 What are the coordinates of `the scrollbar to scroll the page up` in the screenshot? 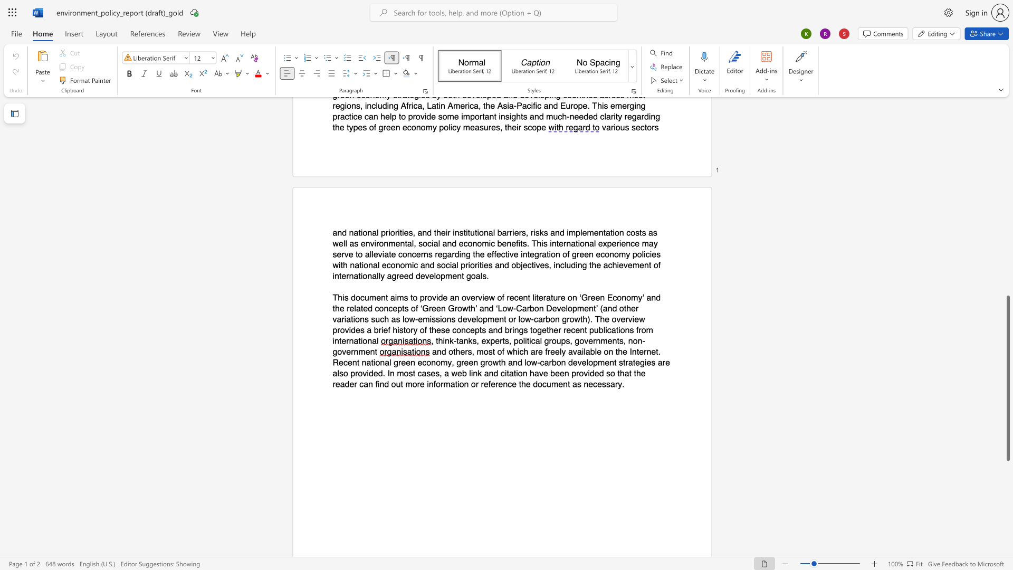 It's located at (1007, 121).